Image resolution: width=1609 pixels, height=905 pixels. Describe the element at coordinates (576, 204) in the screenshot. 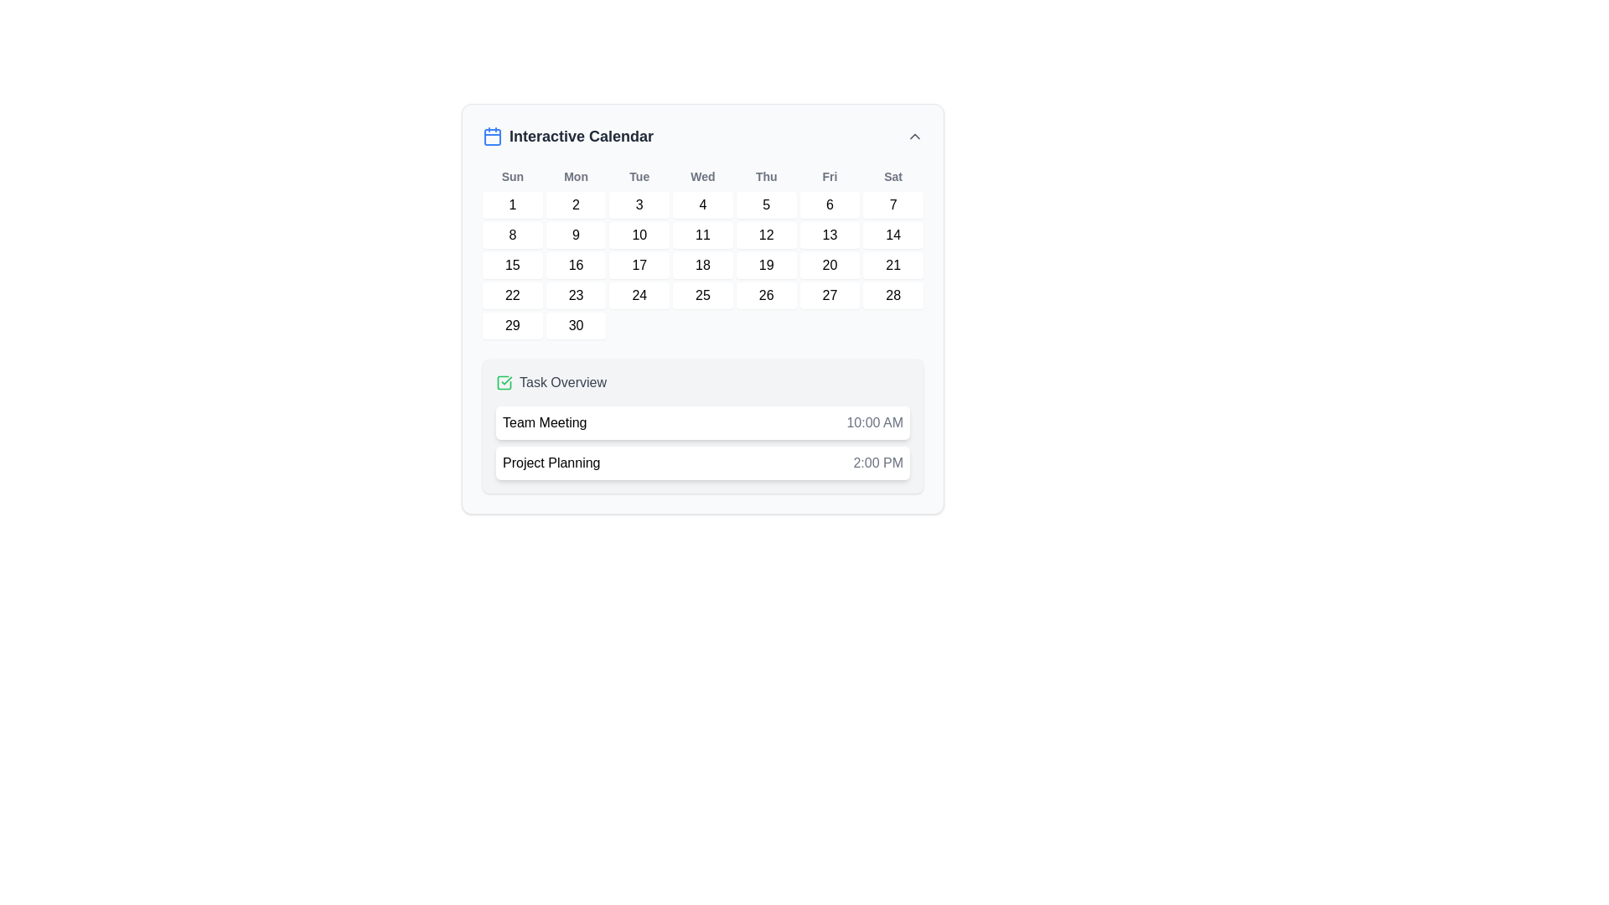

I see `the selectable date button for the '2nd' of the month in the calendar interface` at that location.